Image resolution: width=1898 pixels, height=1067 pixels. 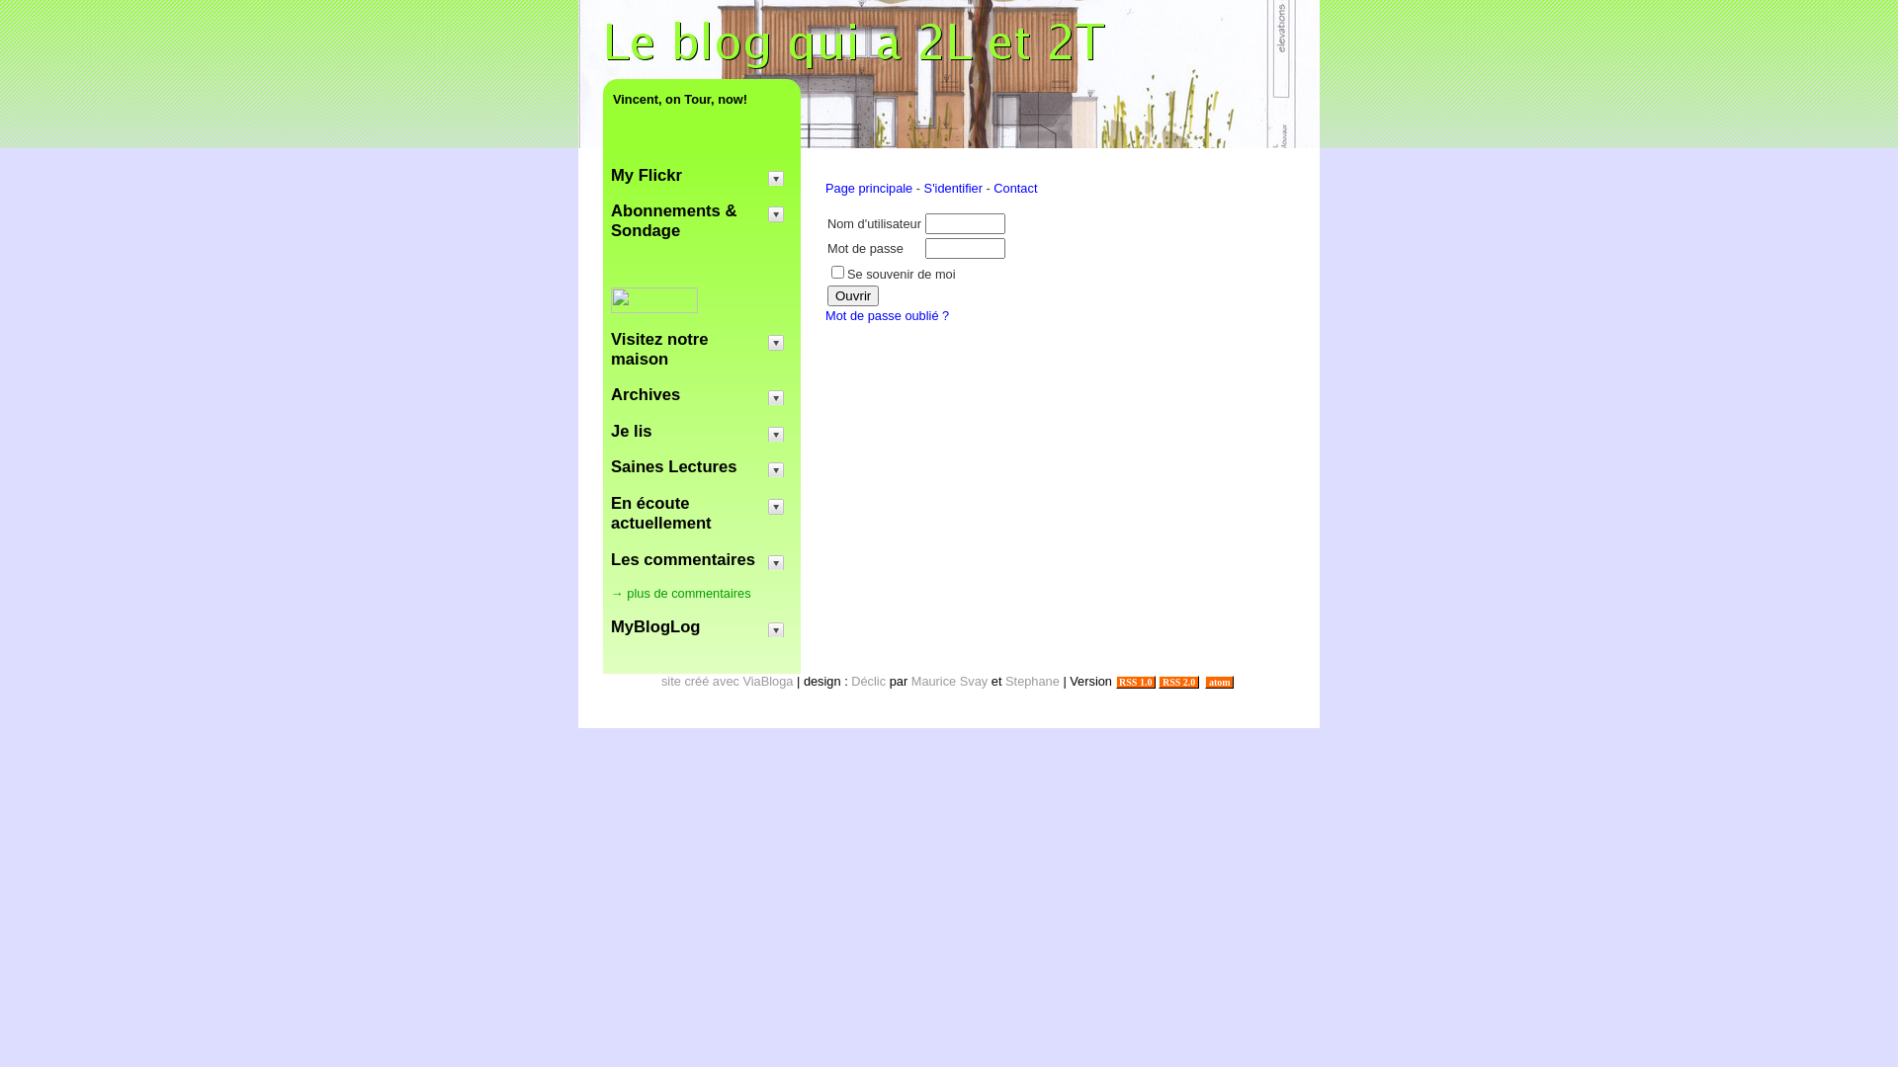 I want to click on 'Vincent, on Tour, now!', so click(x=702, y=99).